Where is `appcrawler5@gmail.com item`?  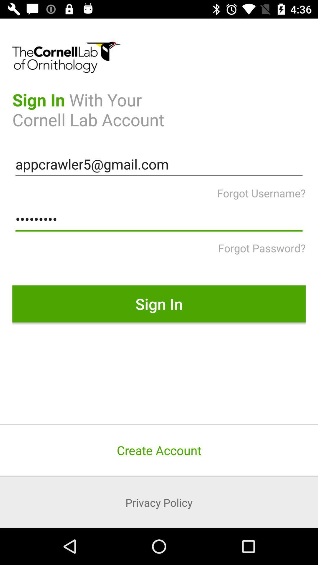
appcrawler5@gmail.com item is located at coordinates (159, 164).